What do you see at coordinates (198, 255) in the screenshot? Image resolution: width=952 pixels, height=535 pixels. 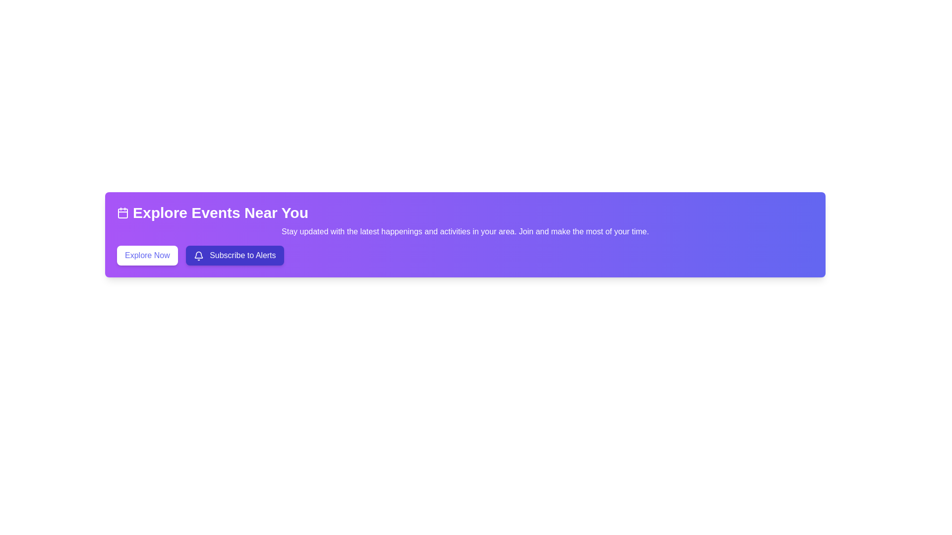 I see `the alert notification icon located to the left of the 'Subscribe to Alerts' button` at bounding box center [198, 255].